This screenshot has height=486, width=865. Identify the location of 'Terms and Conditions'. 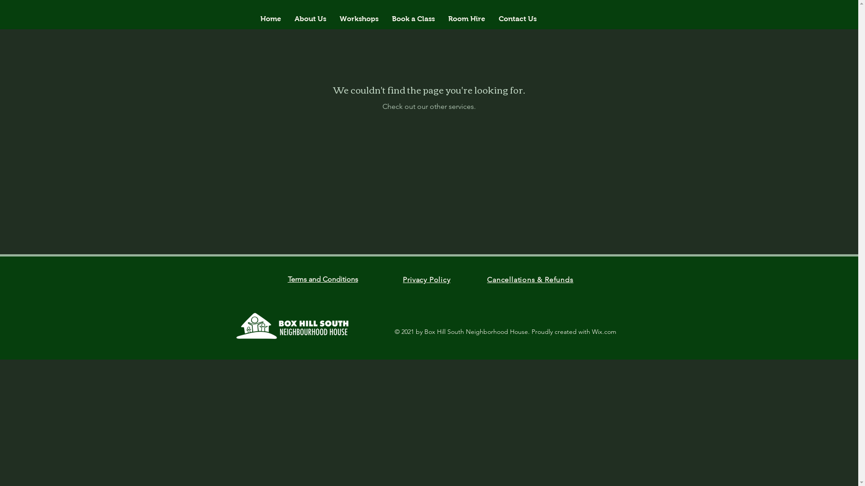
(287, 279).